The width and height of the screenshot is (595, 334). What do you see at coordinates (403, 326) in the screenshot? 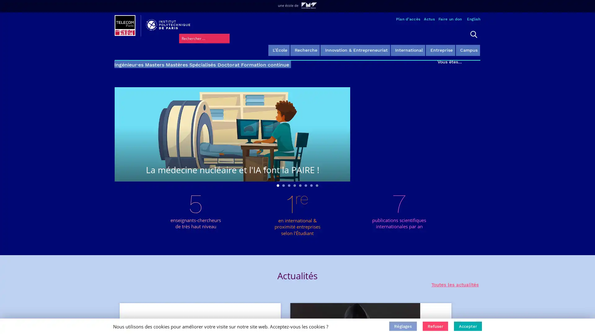
I see `Reglages` at bounding box center [403, 326].